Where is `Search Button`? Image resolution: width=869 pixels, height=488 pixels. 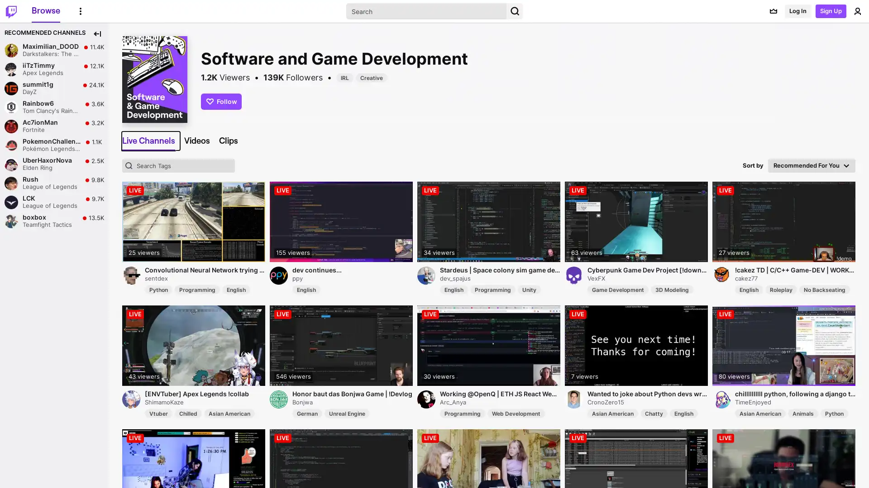
Search Button is located at coordinates (515, 11).